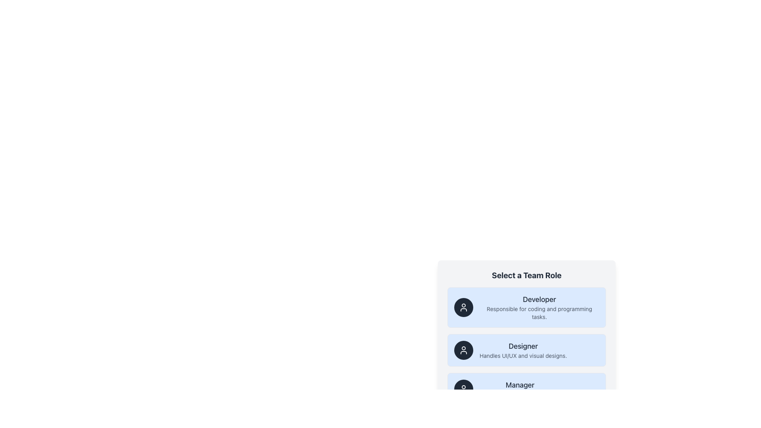 The image size is (761, 428). Describe the element at coordinates (527, 275) in the screenshot. I see `the bold header reading 'Select a Team Role' which is prominently styled in gray text against a white backdrop, located at the top of the section for role selection` at that location.